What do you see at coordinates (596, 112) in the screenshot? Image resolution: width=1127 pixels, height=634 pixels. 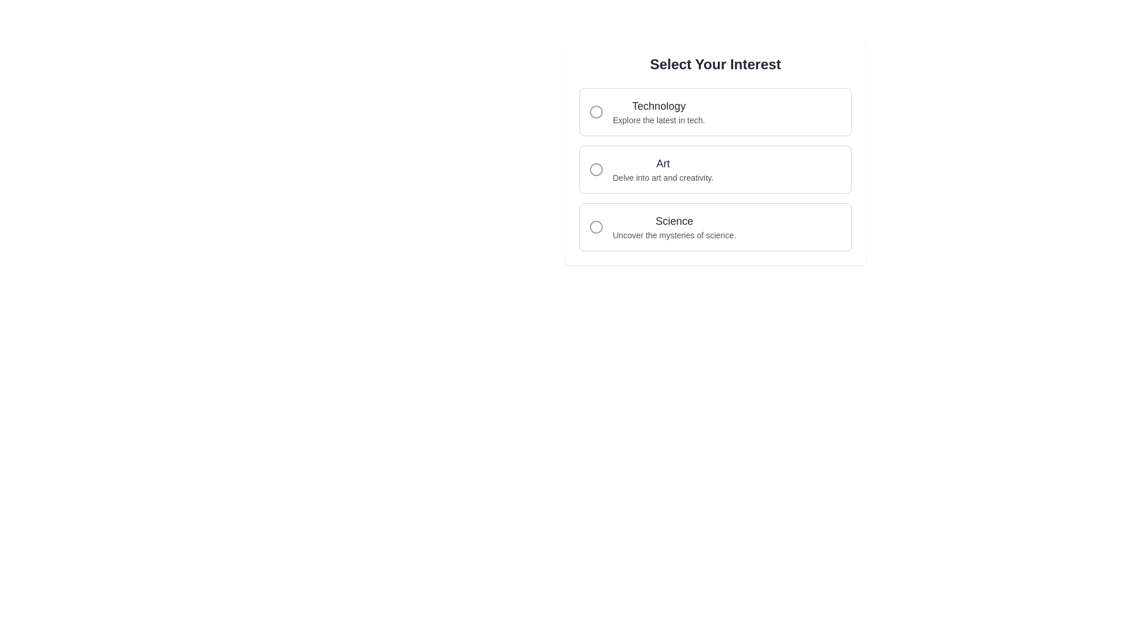 I see `the circular SVG element that is styled with a light color scheme and located next to the 'Technology' label in the selectable interface` at bounding box center [596, 112].